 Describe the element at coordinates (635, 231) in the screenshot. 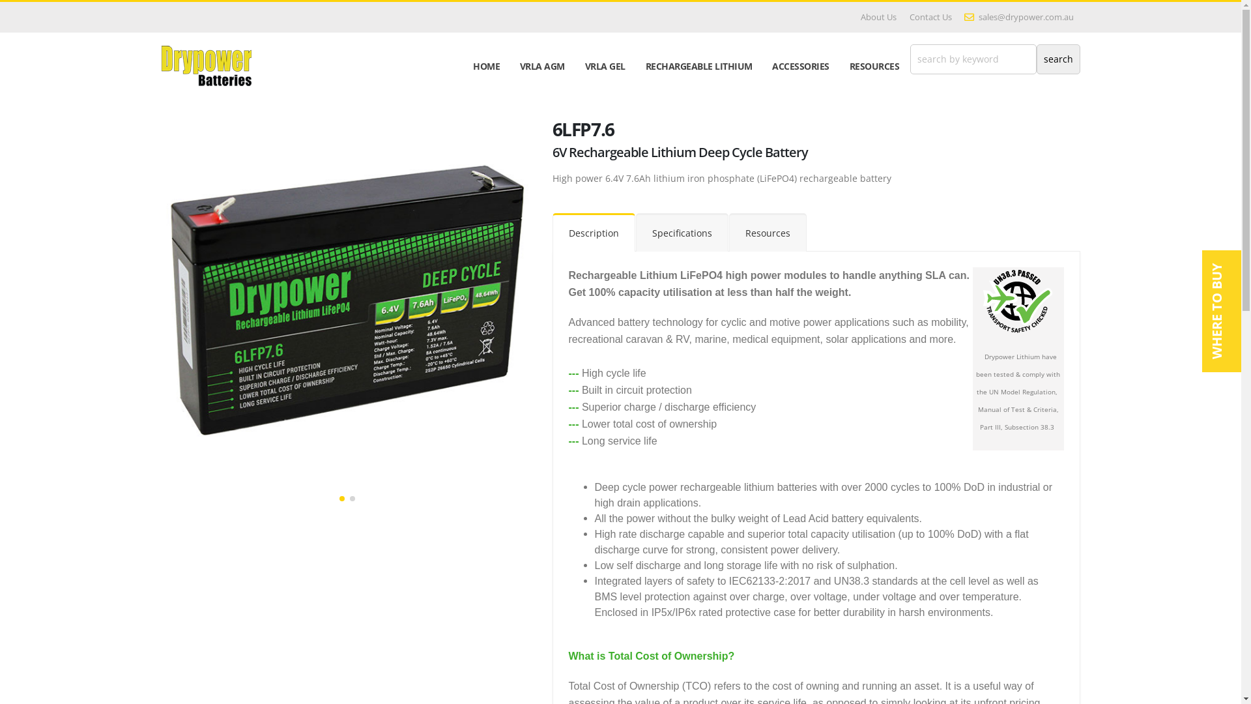

I see `'Specifications'` at that location.